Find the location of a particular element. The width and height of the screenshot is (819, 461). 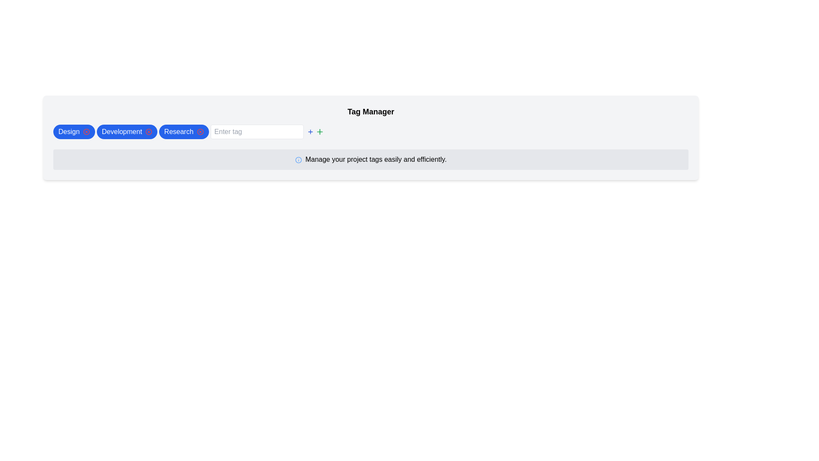

the close or delete button inside the blue 'Design' tag to change its color is located at coordinates (86, 131).